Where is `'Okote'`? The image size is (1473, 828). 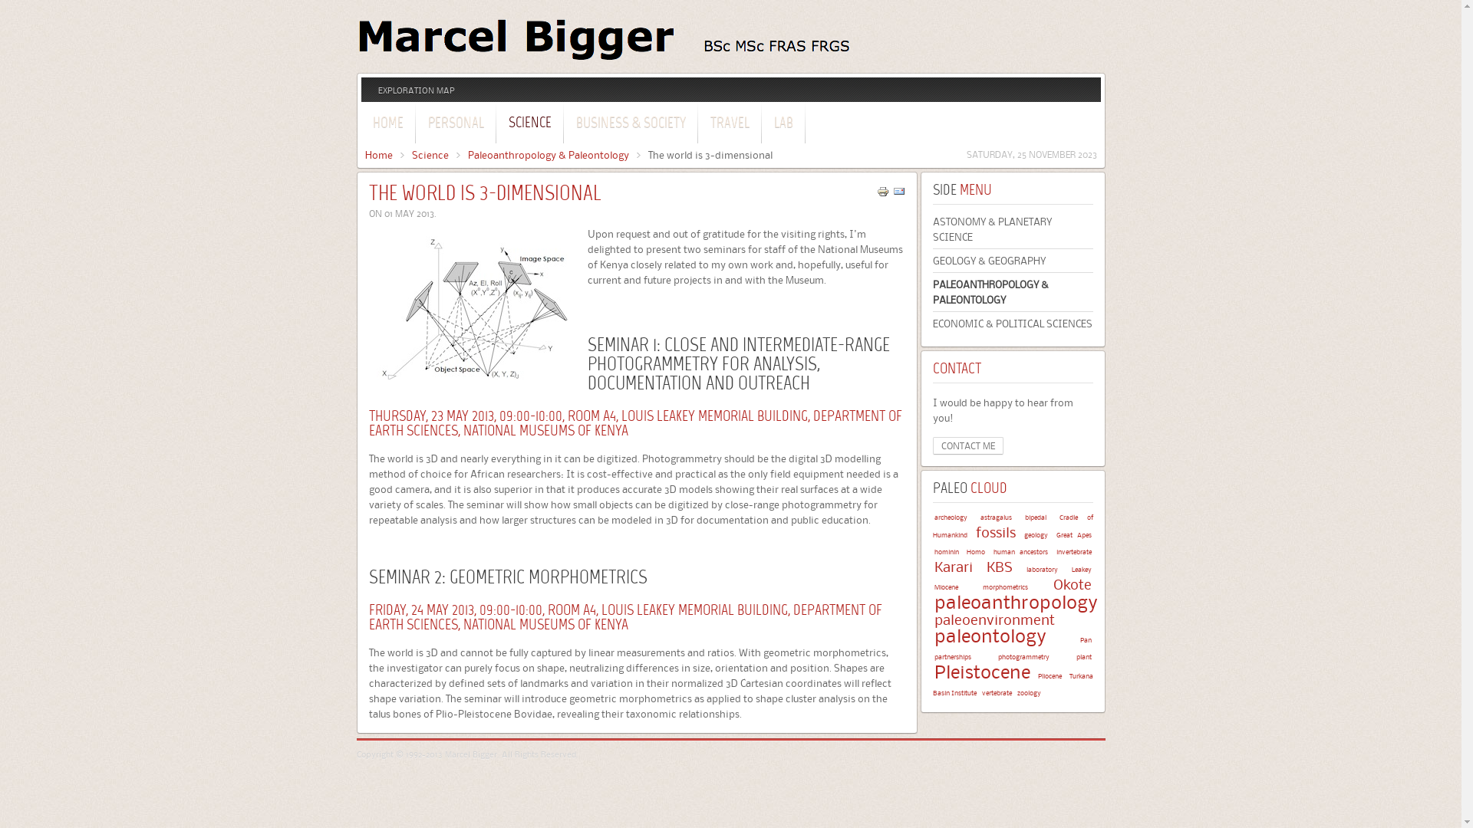 'Okote' is located at coordinates (1070, 584).